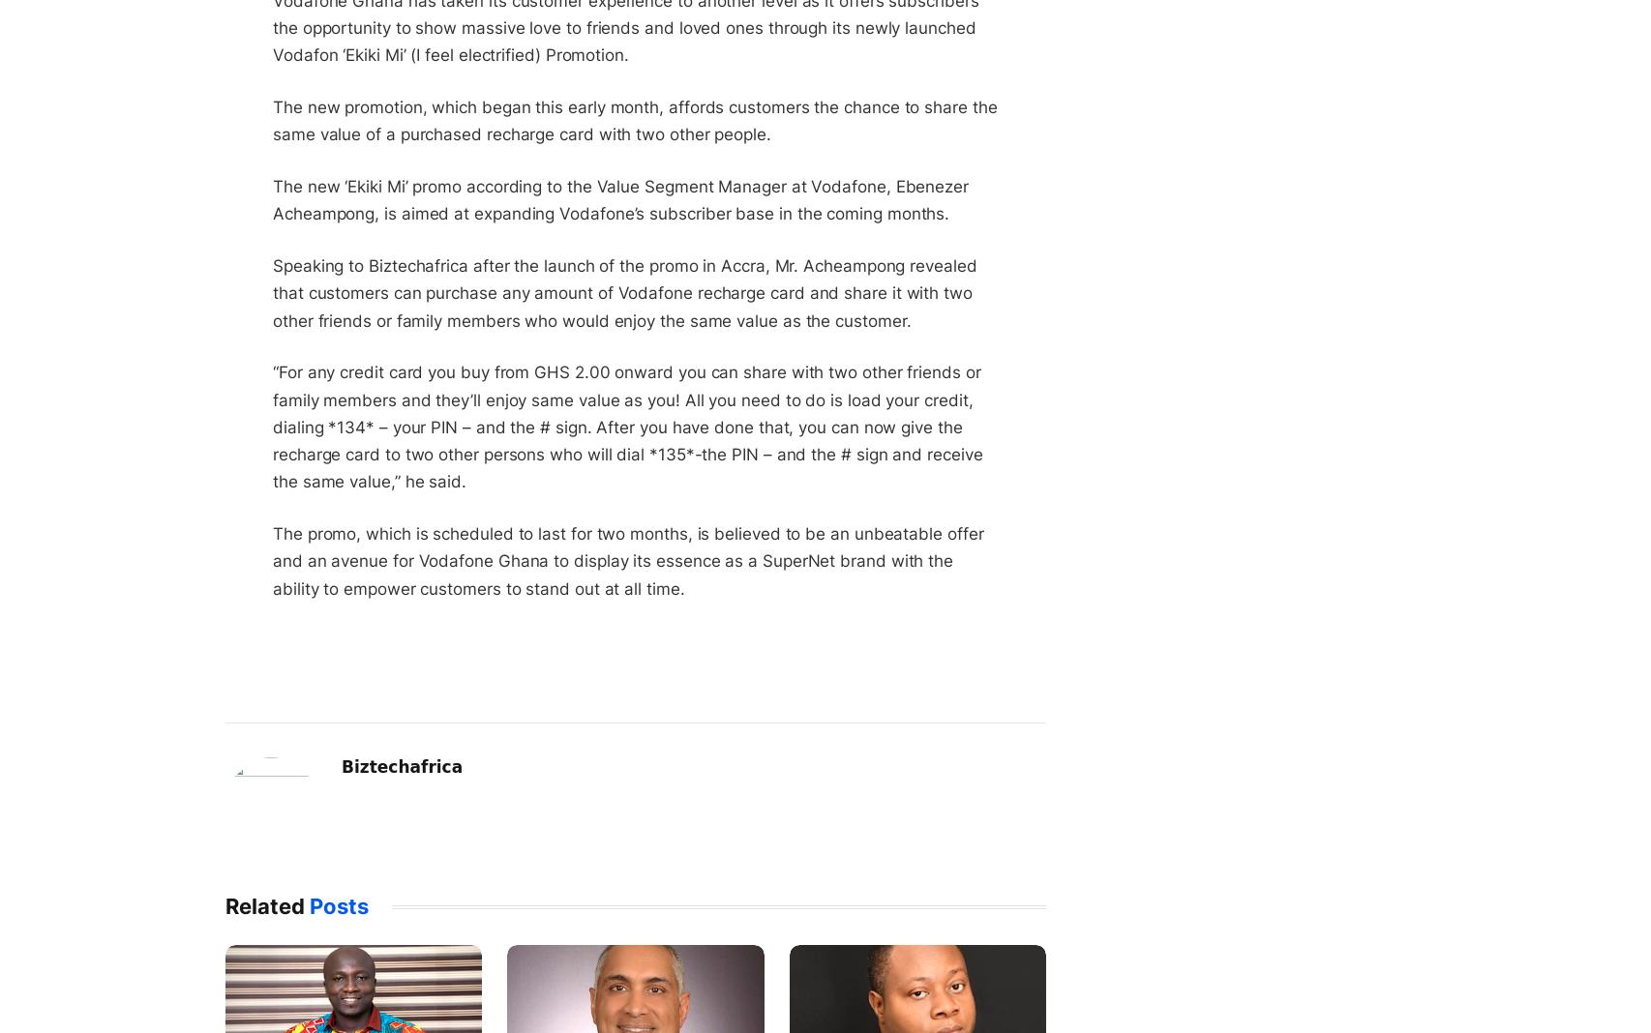 This screenshot has height=1033, width=1651. What do you see at coordinates (1010, 84) in the screenshot?
I see `'Quantum AI'` at bounding box center [1010, 84].